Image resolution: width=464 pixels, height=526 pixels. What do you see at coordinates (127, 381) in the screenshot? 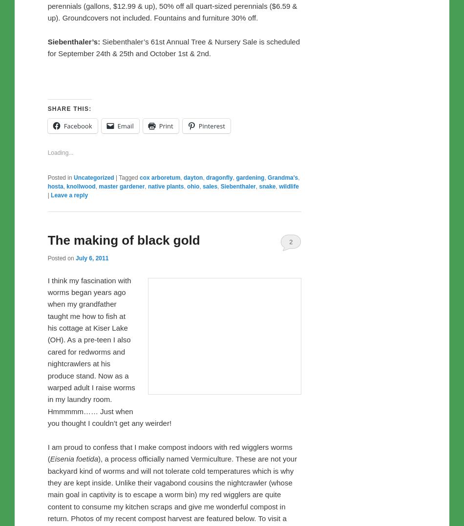
I see `'Tagged'` at bounding box center [127, 381].